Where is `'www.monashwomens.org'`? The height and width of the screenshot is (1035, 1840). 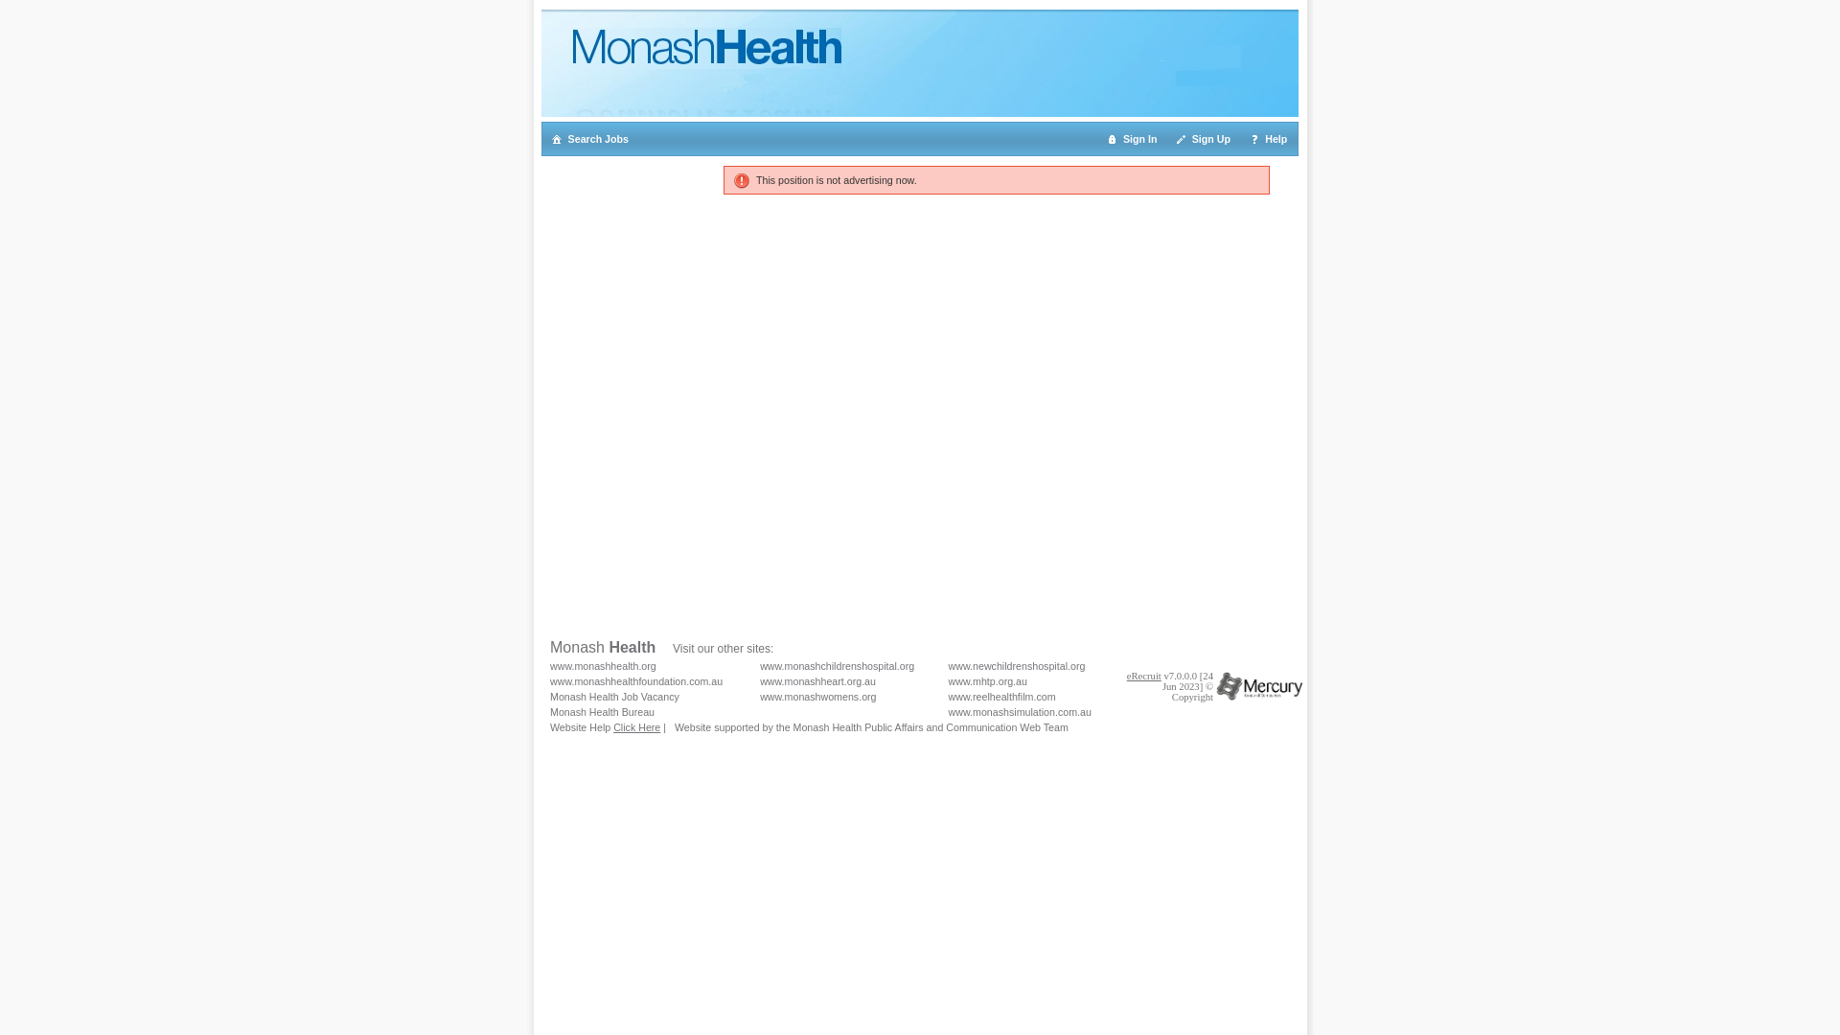
'www.monashwomens.org' is located at coordinates (817, 696).